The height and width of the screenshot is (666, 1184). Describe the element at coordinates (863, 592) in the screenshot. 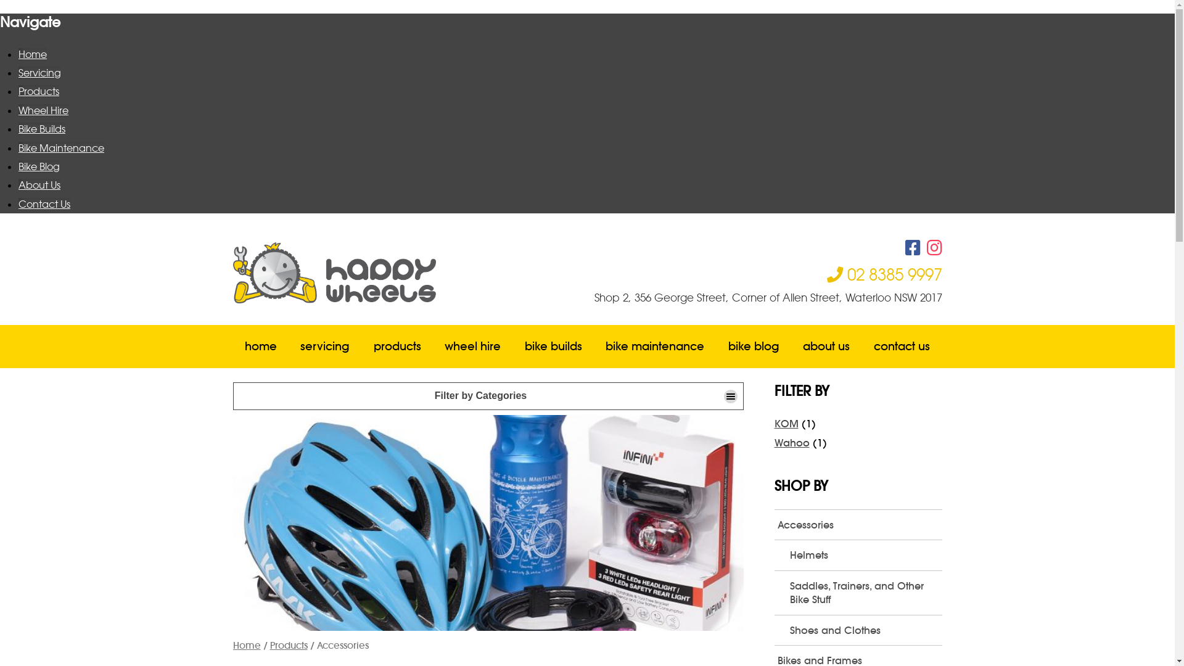

I see `'Saddles, Trainers, and Other Bike Stuff'` at that location.